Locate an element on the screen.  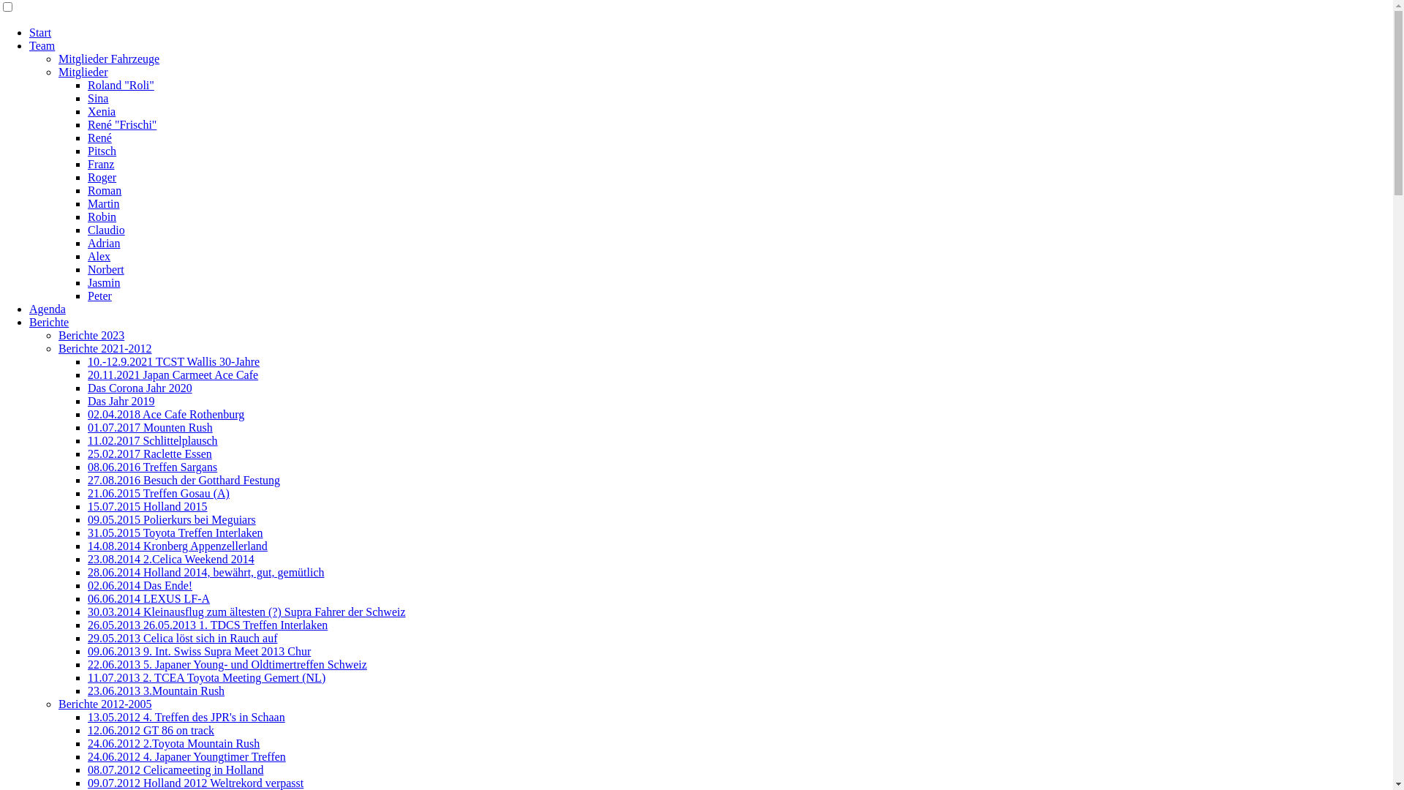
'23.08.2014 2.Celica Weekend 2014' is located at coordinates (87, 559).